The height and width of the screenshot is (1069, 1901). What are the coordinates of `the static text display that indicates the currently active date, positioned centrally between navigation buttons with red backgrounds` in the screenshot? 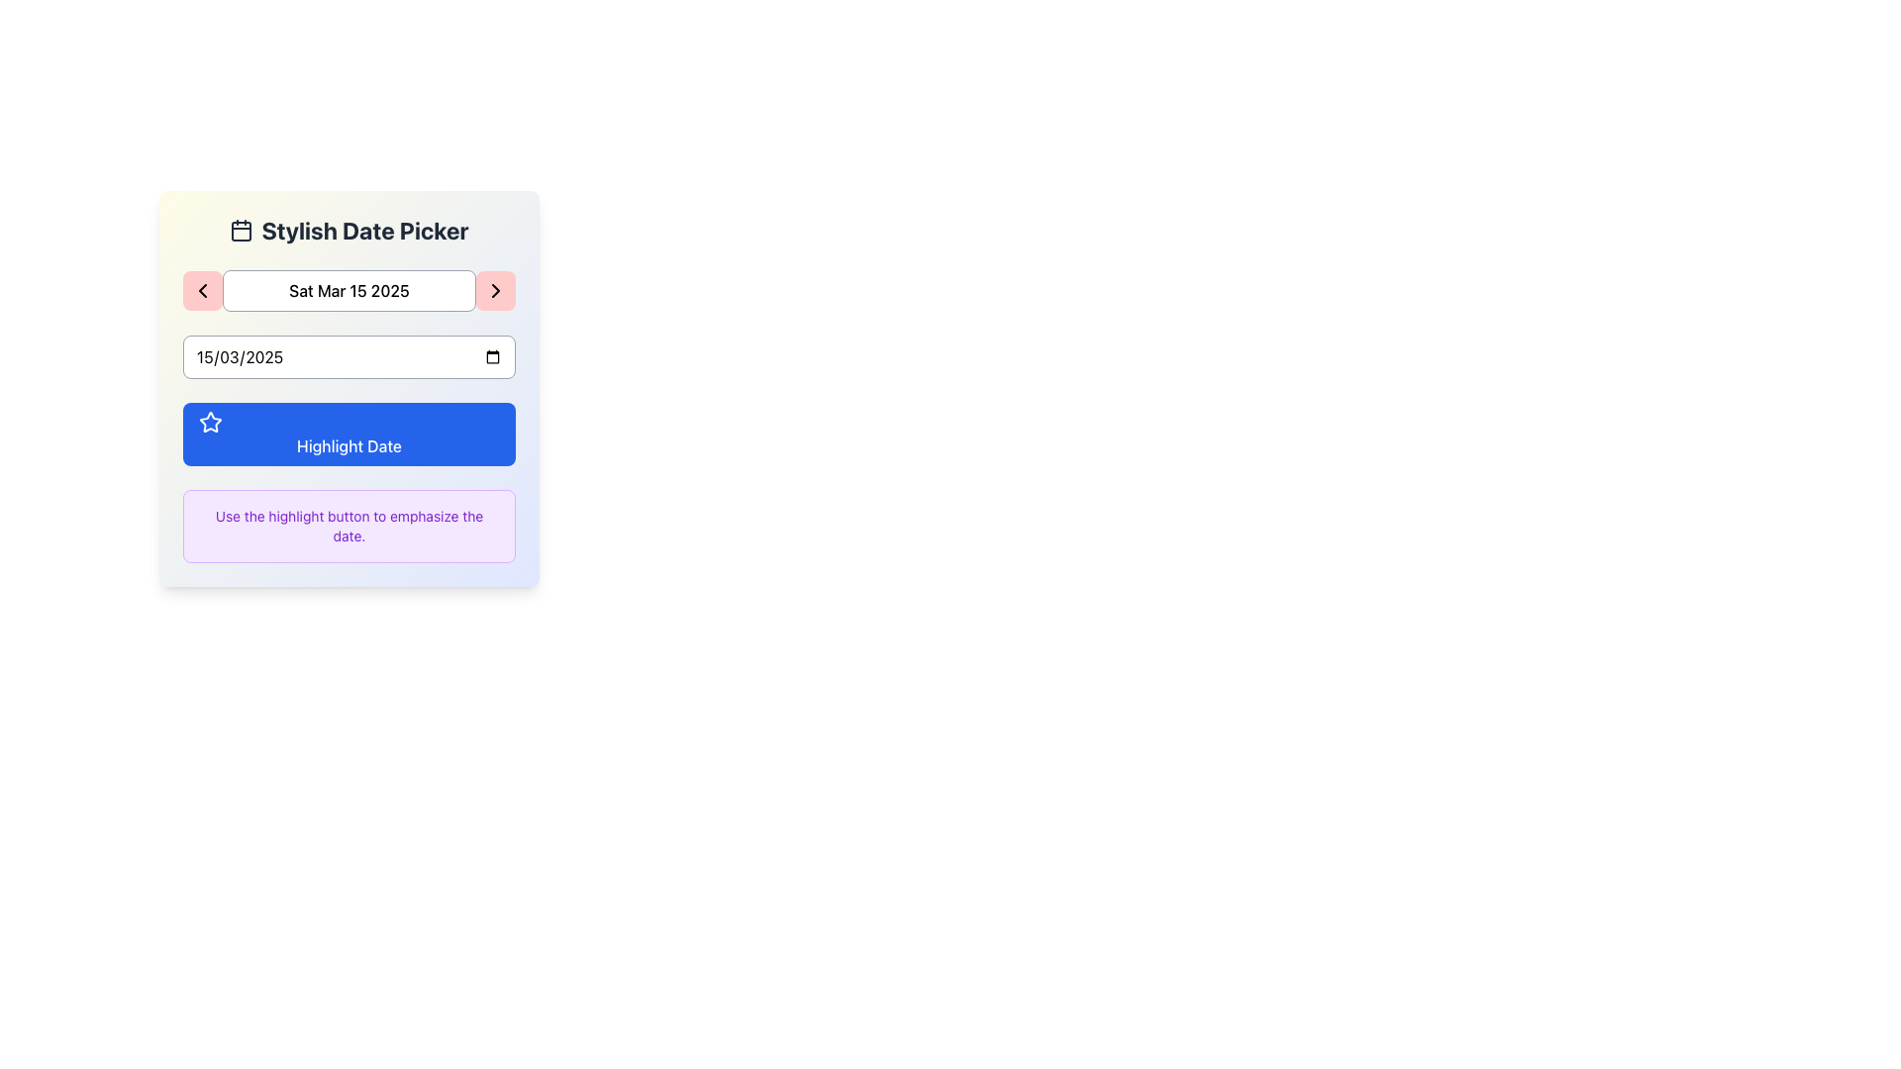 It's located at (350, 290).